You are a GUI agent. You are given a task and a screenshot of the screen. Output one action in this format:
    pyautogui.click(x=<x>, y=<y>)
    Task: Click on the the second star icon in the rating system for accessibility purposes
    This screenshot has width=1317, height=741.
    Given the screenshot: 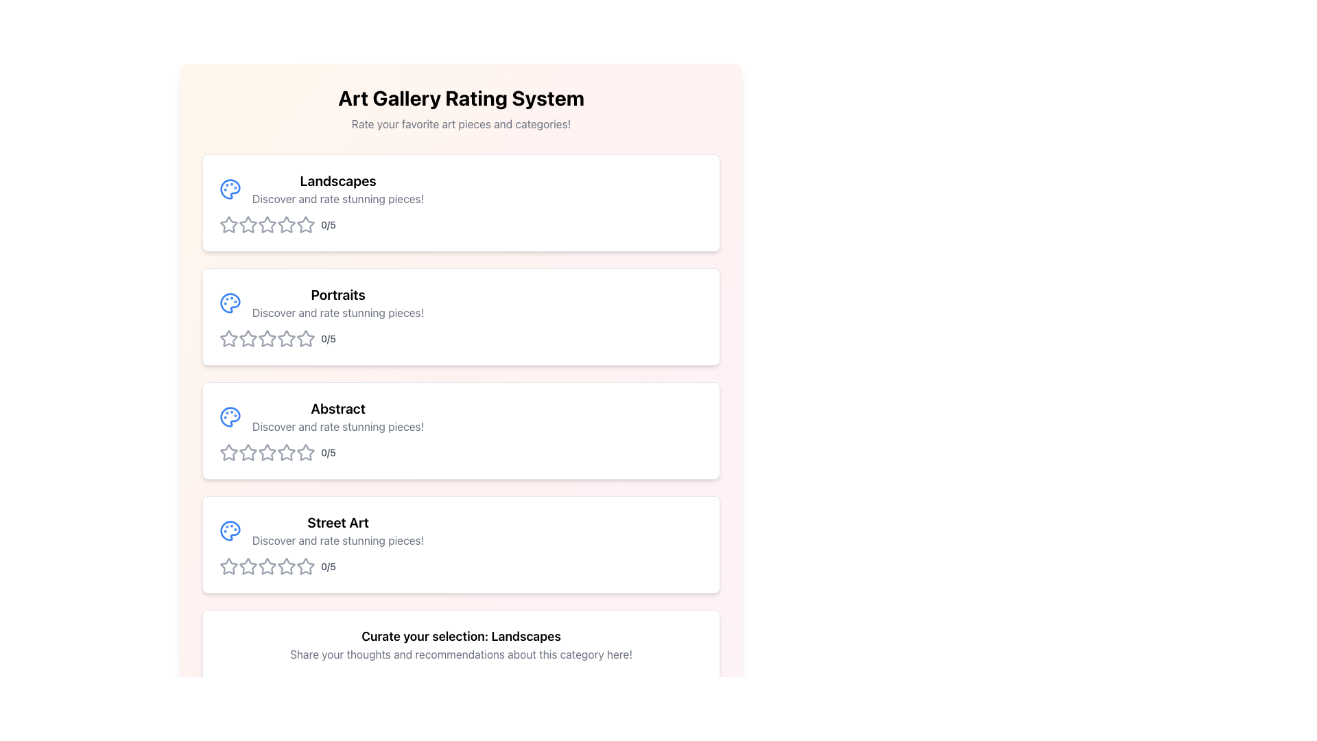 What is the action you would take?
    pyautogui.click(x=248, y=338)
    